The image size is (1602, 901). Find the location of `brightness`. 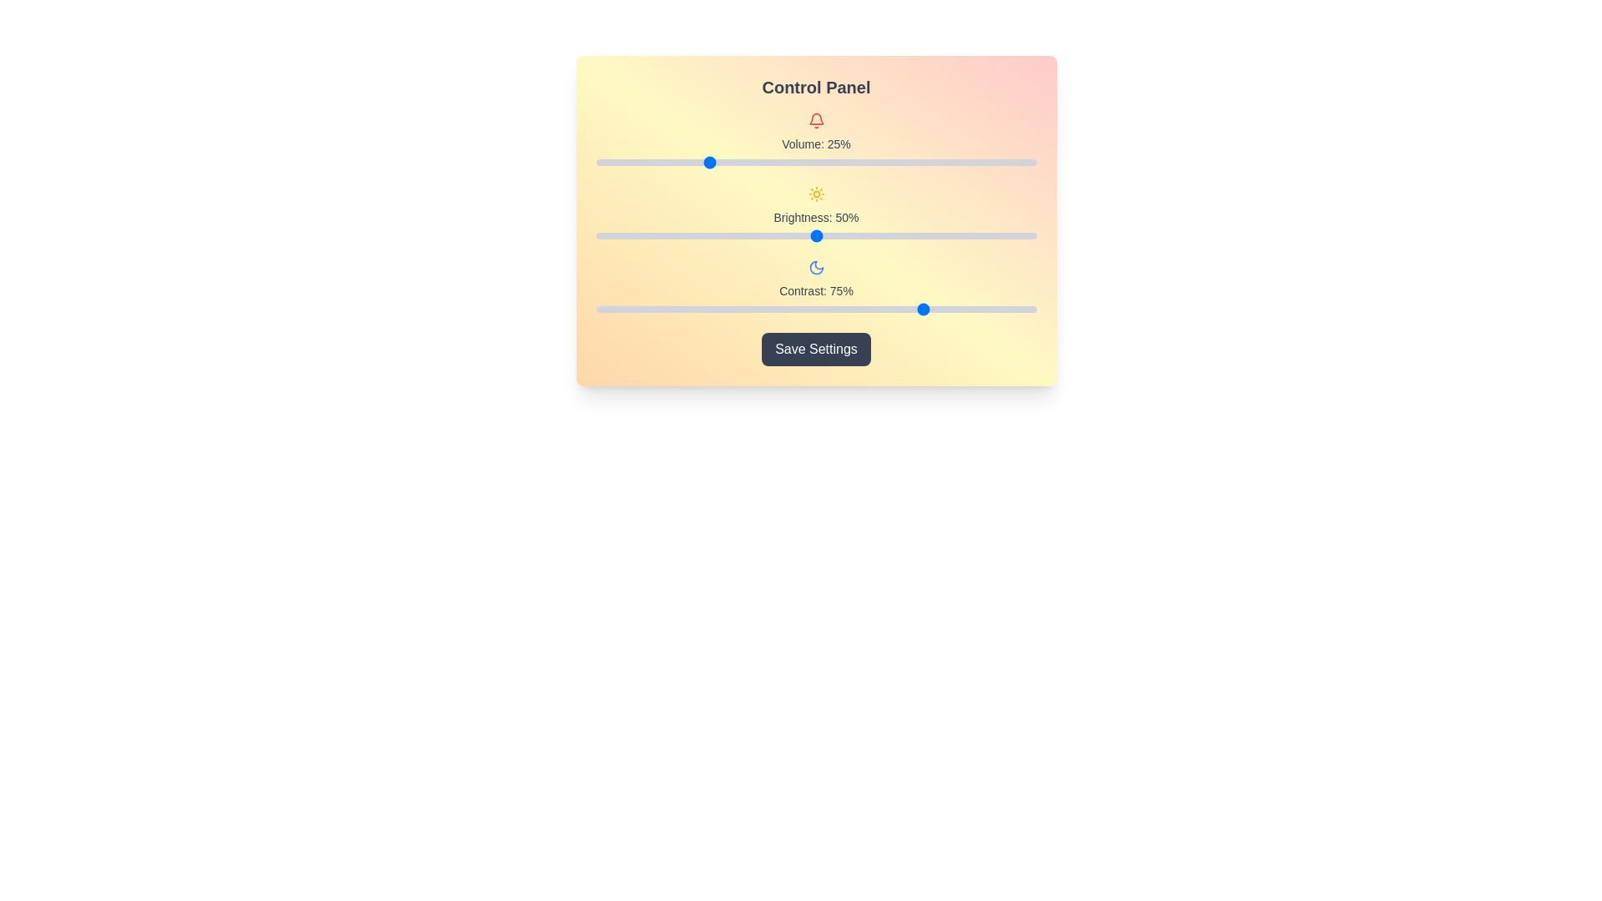

brightness is located at coordinates (894, 235).